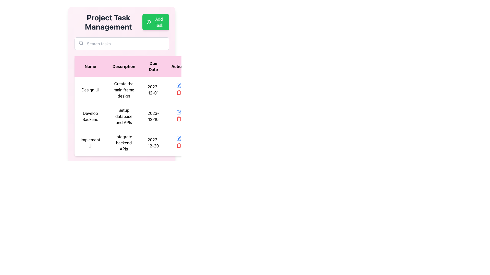 Image resolution: width=490 pixels, height=275 pixels. What do you see at coordinates (133, 66) in the screenshot?
I see `the column header of the table to sort the data displayed in that column` at bounding box center [133, 66].